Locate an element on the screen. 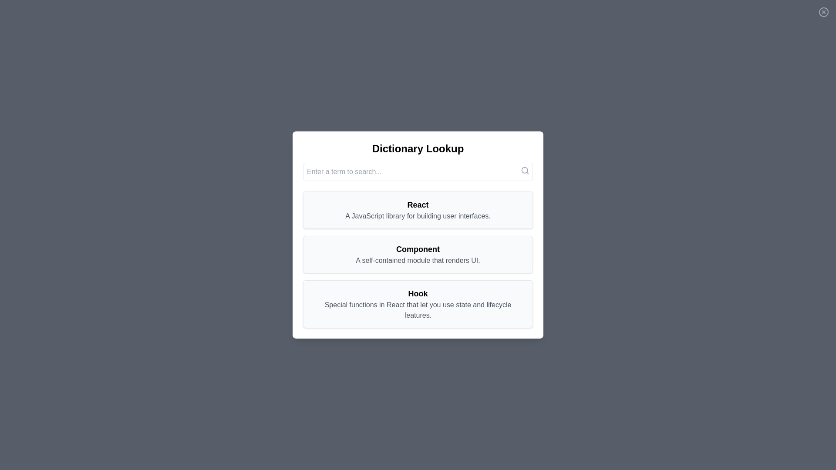 The width and height of the screenshot is (836, 470). the search icon is located at coordinates (524, 171).